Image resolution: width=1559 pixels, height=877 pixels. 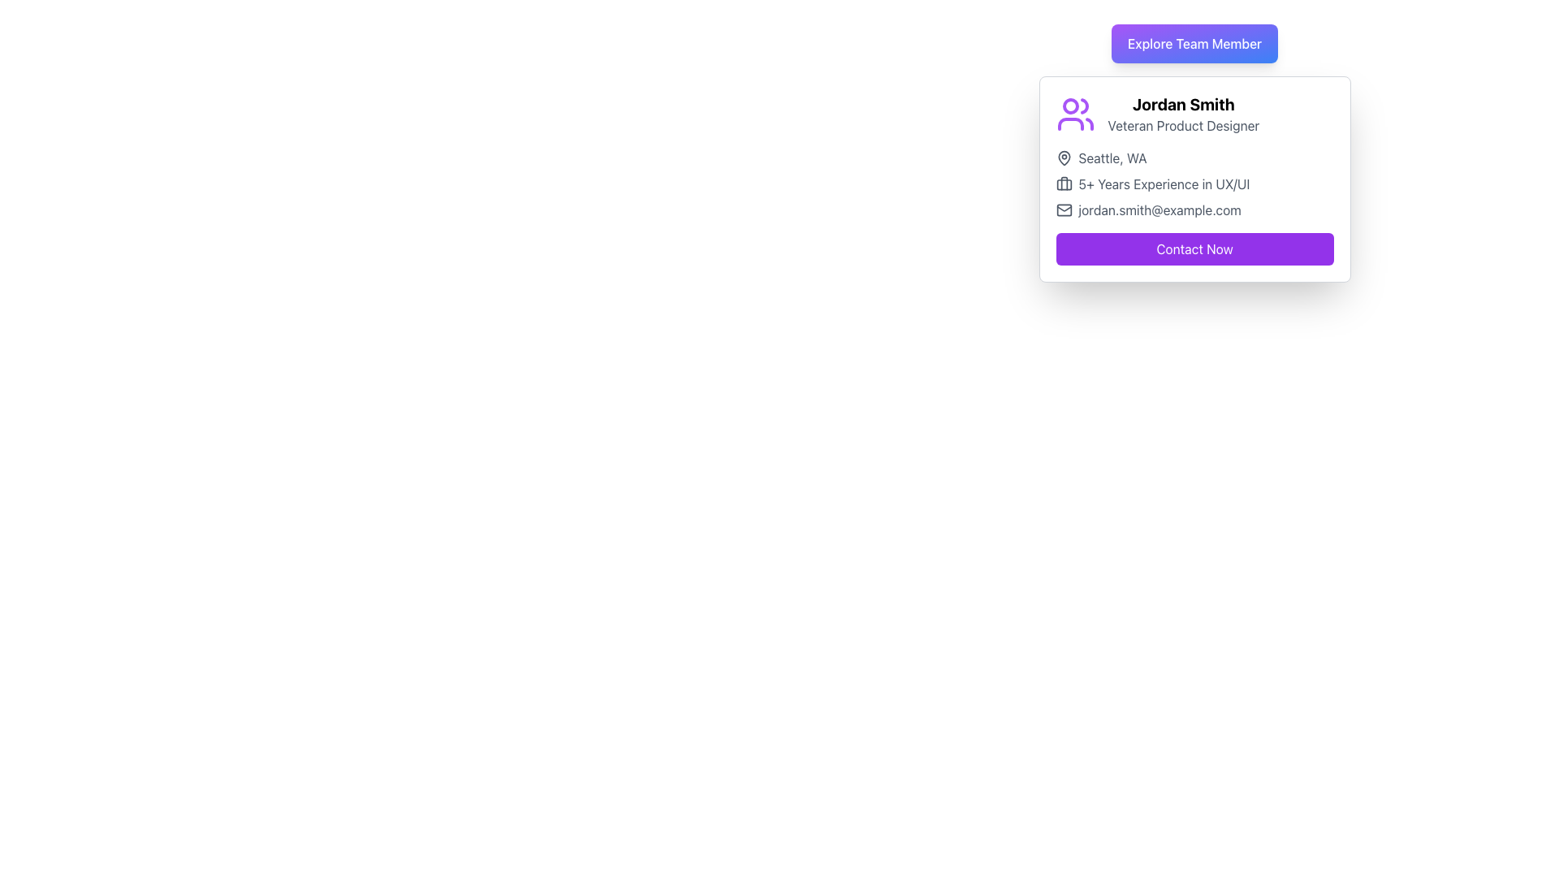 I want to click on the user profile icon representing Jordan Smith, located in the top-left corner of the card containing his details, so click(x=1075, y=114).